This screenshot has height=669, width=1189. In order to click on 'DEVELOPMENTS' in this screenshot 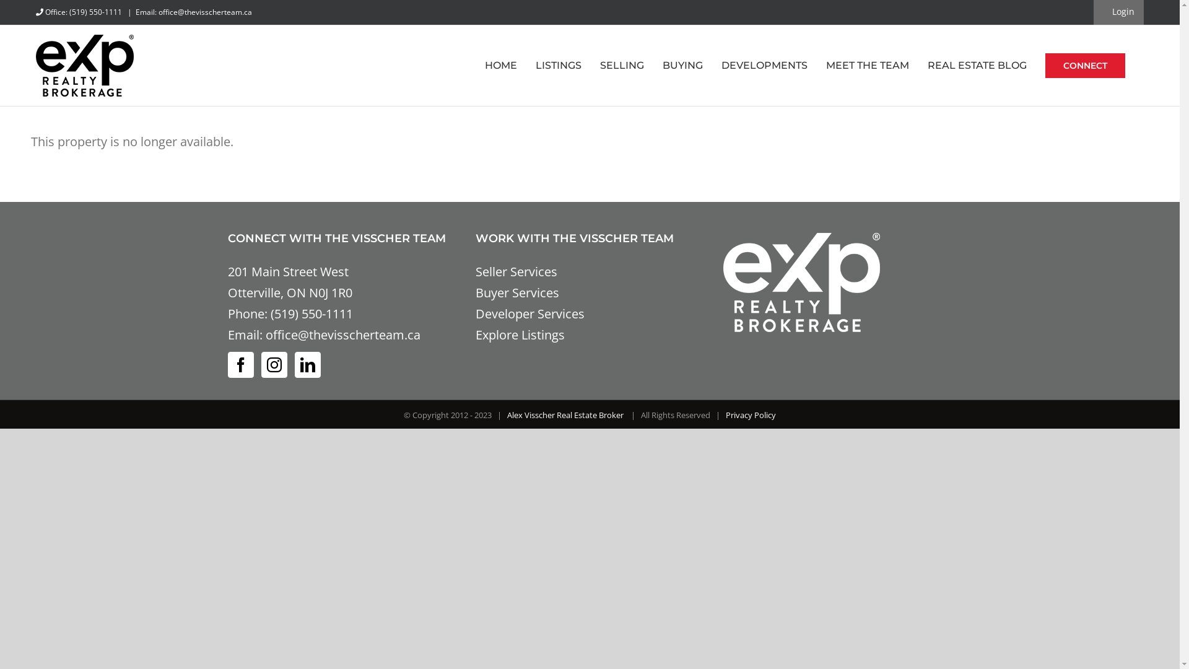, I will do `click(764, 65)`.